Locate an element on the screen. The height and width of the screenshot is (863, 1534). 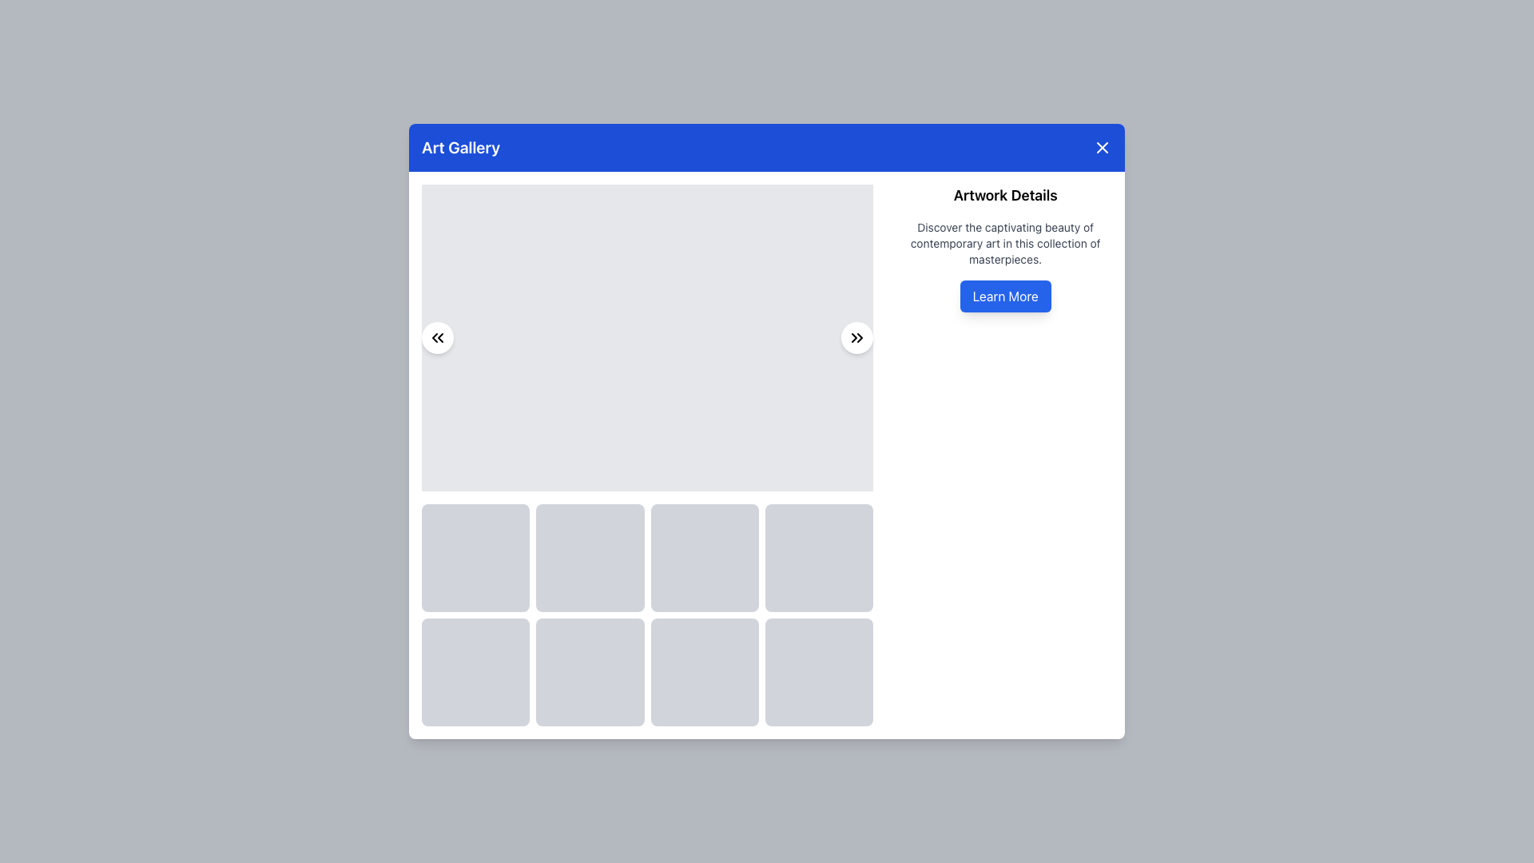
the Placeholder tile located in the second column and second row of the 4x2 grid, which functions as a visual placeholder in the gallery is located at coordinates (590, 672).